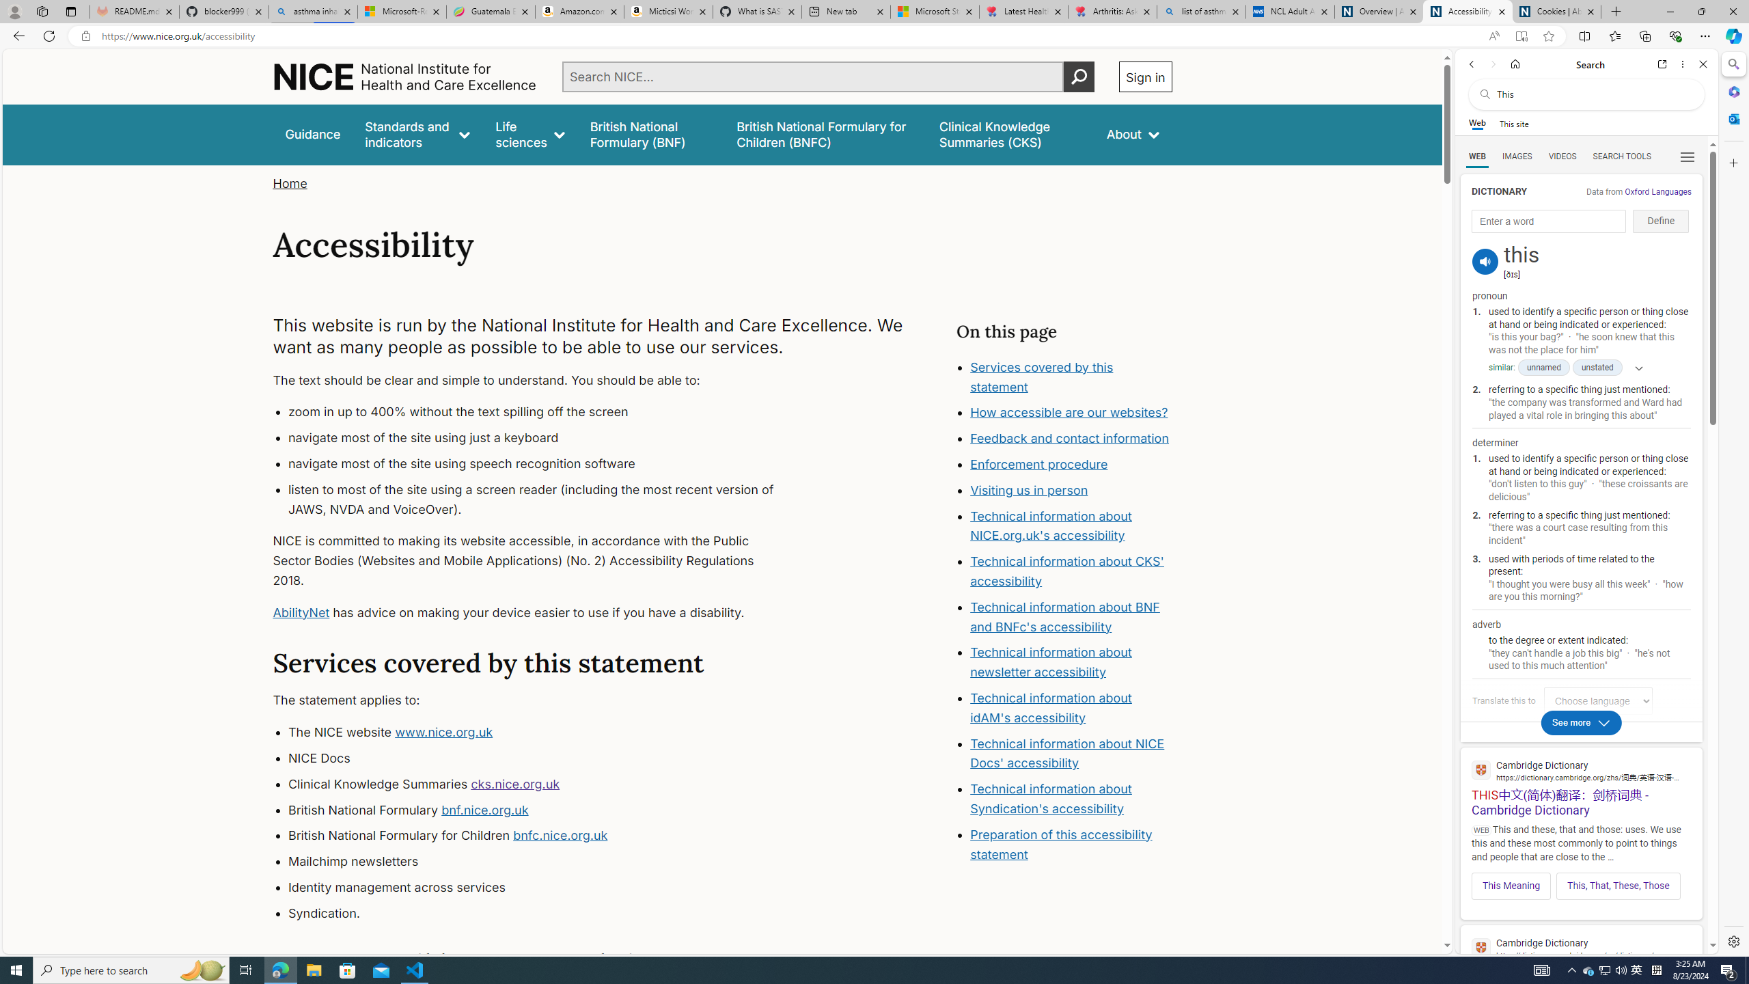  I want to click on 'This MeaningThis, That, These, Those', so click(1581, 881).